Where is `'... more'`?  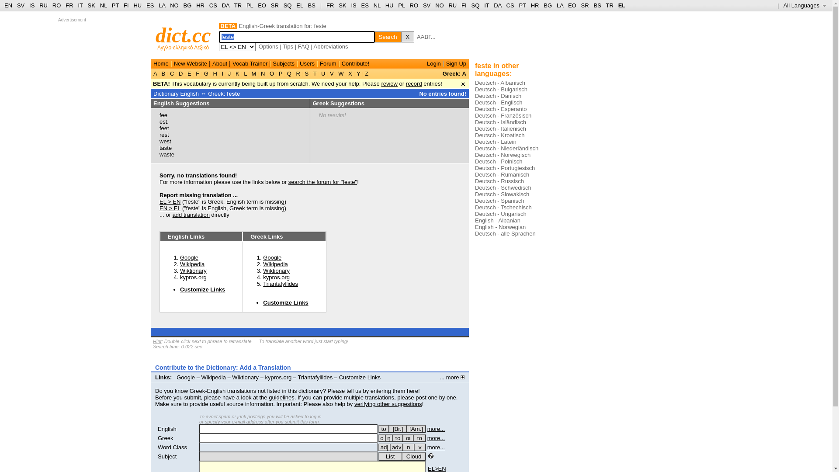
'... more' is located at coordinates (440, 377).